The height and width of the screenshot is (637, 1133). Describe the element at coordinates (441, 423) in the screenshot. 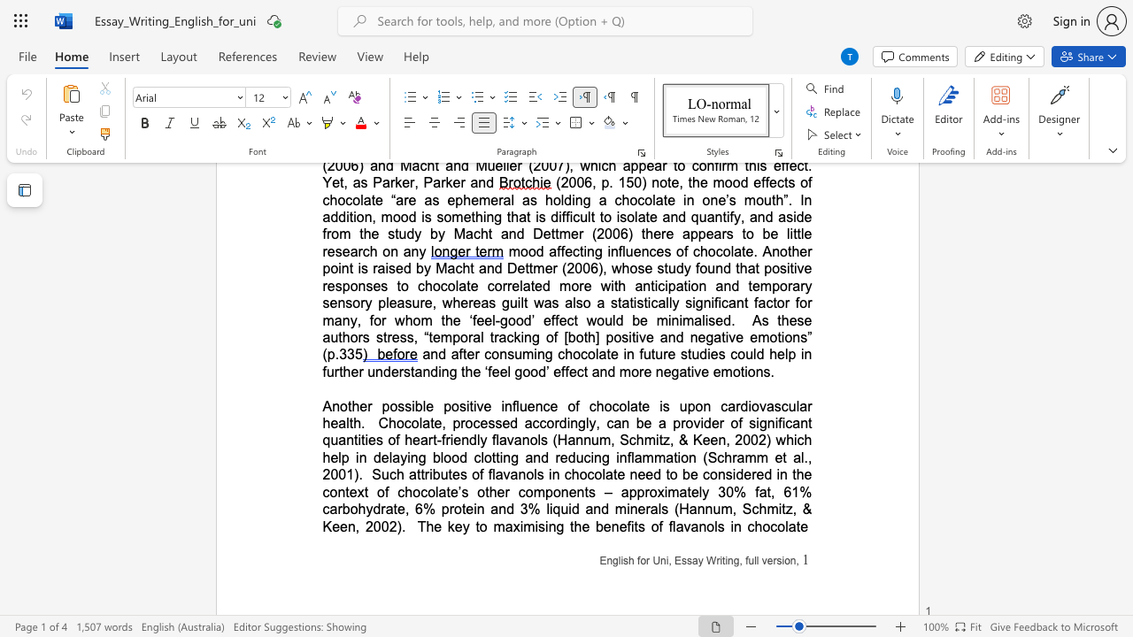

I see `the space between the continuous character "e" and "," in the text` at that location.